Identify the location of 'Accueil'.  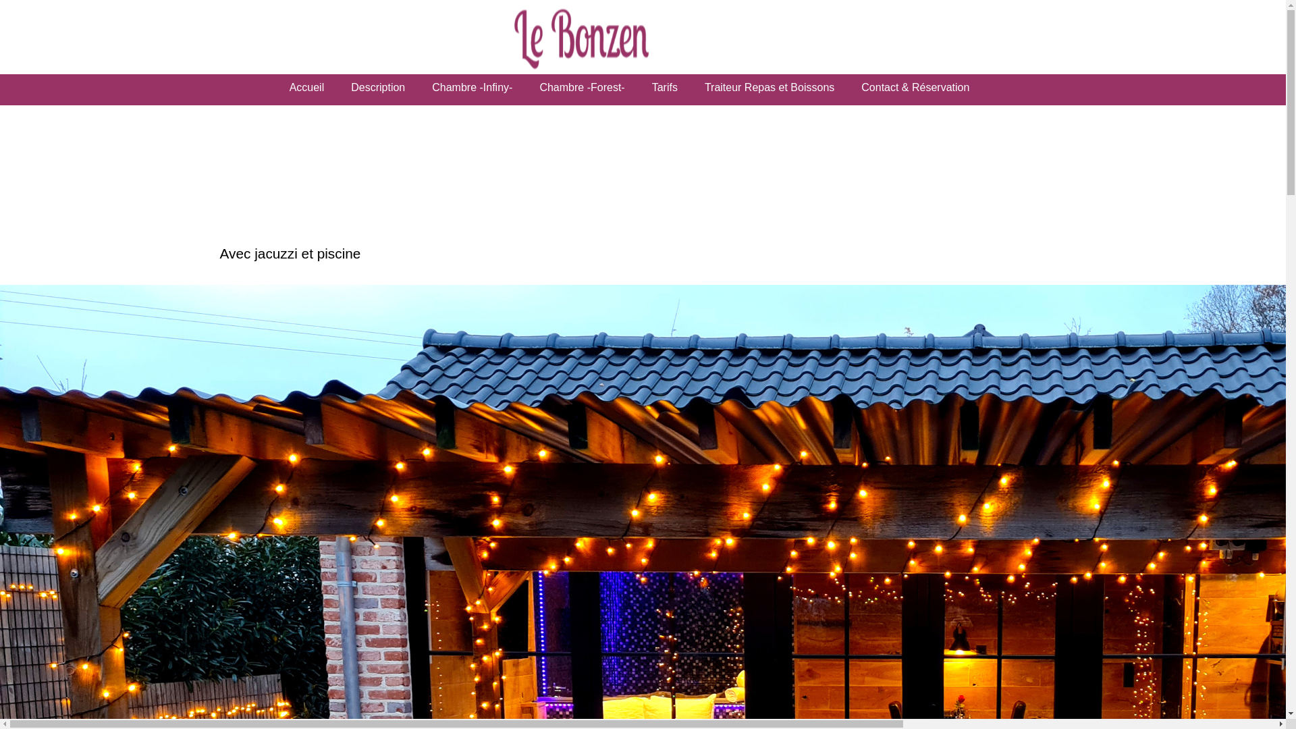
(306, 88).